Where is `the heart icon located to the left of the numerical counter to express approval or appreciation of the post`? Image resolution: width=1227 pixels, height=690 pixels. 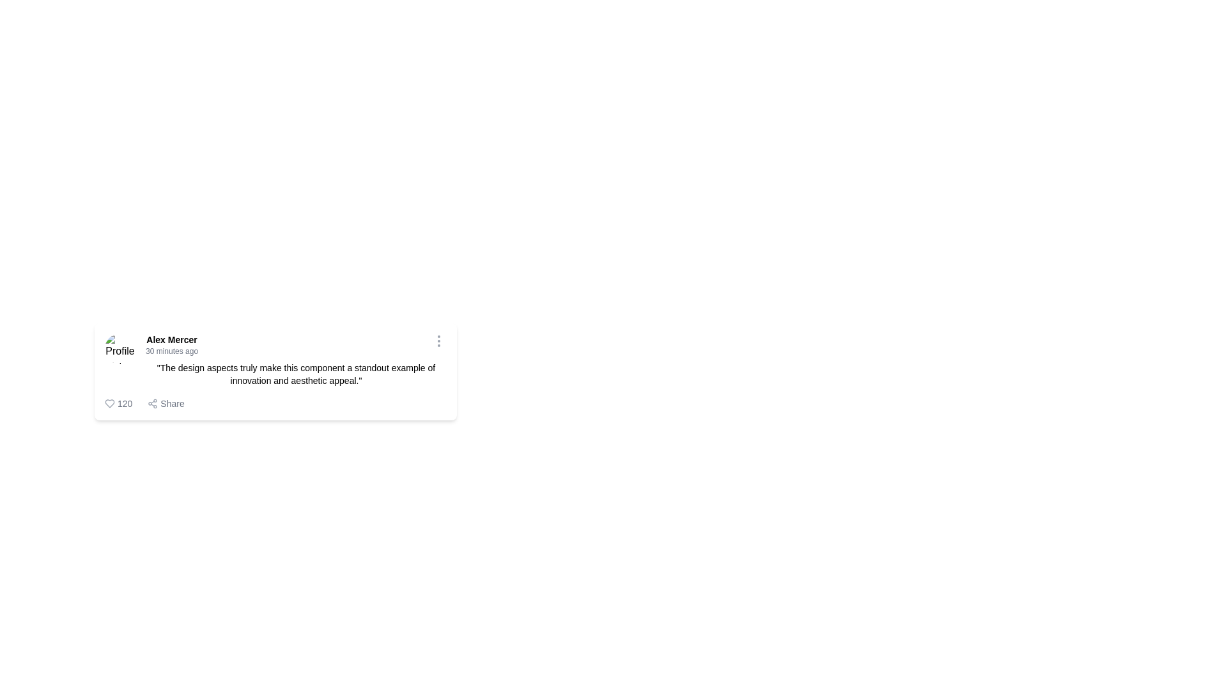 the heart icon located to the left of the numerical counter to express approval or appreciation of the post is located at coordinates (110, 404).